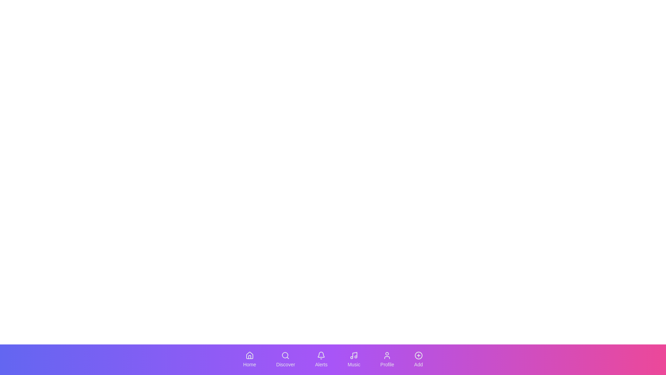 The width and height of the screenshot is (666, 375). Describe the element at coordinates (249, 359) in the screenshot. I see `the navigation button corresponding to Home` at that location.